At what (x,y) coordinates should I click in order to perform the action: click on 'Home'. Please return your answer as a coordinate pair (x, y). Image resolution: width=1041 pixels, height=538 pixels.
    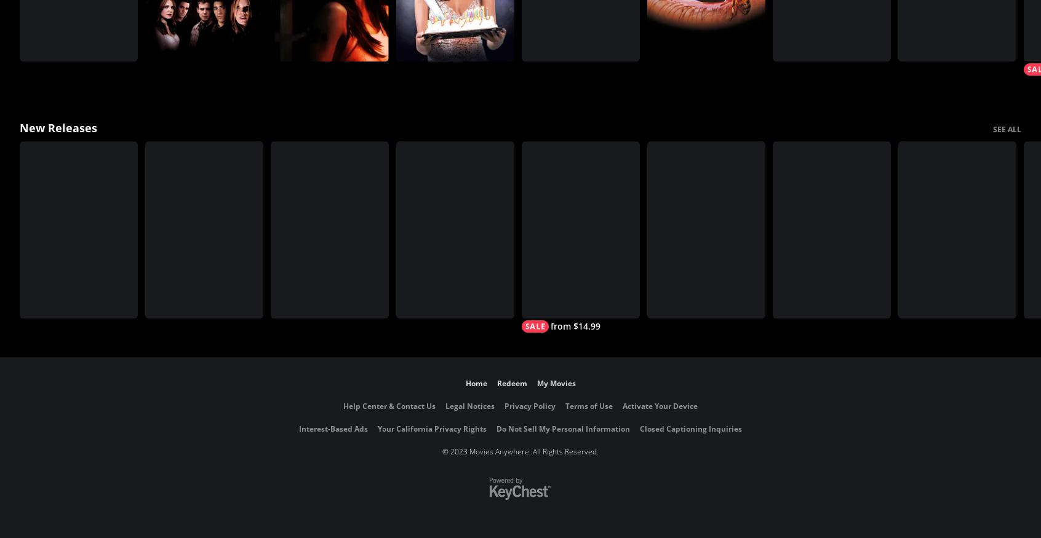
    Looking at the image, I should click on (475, 383).